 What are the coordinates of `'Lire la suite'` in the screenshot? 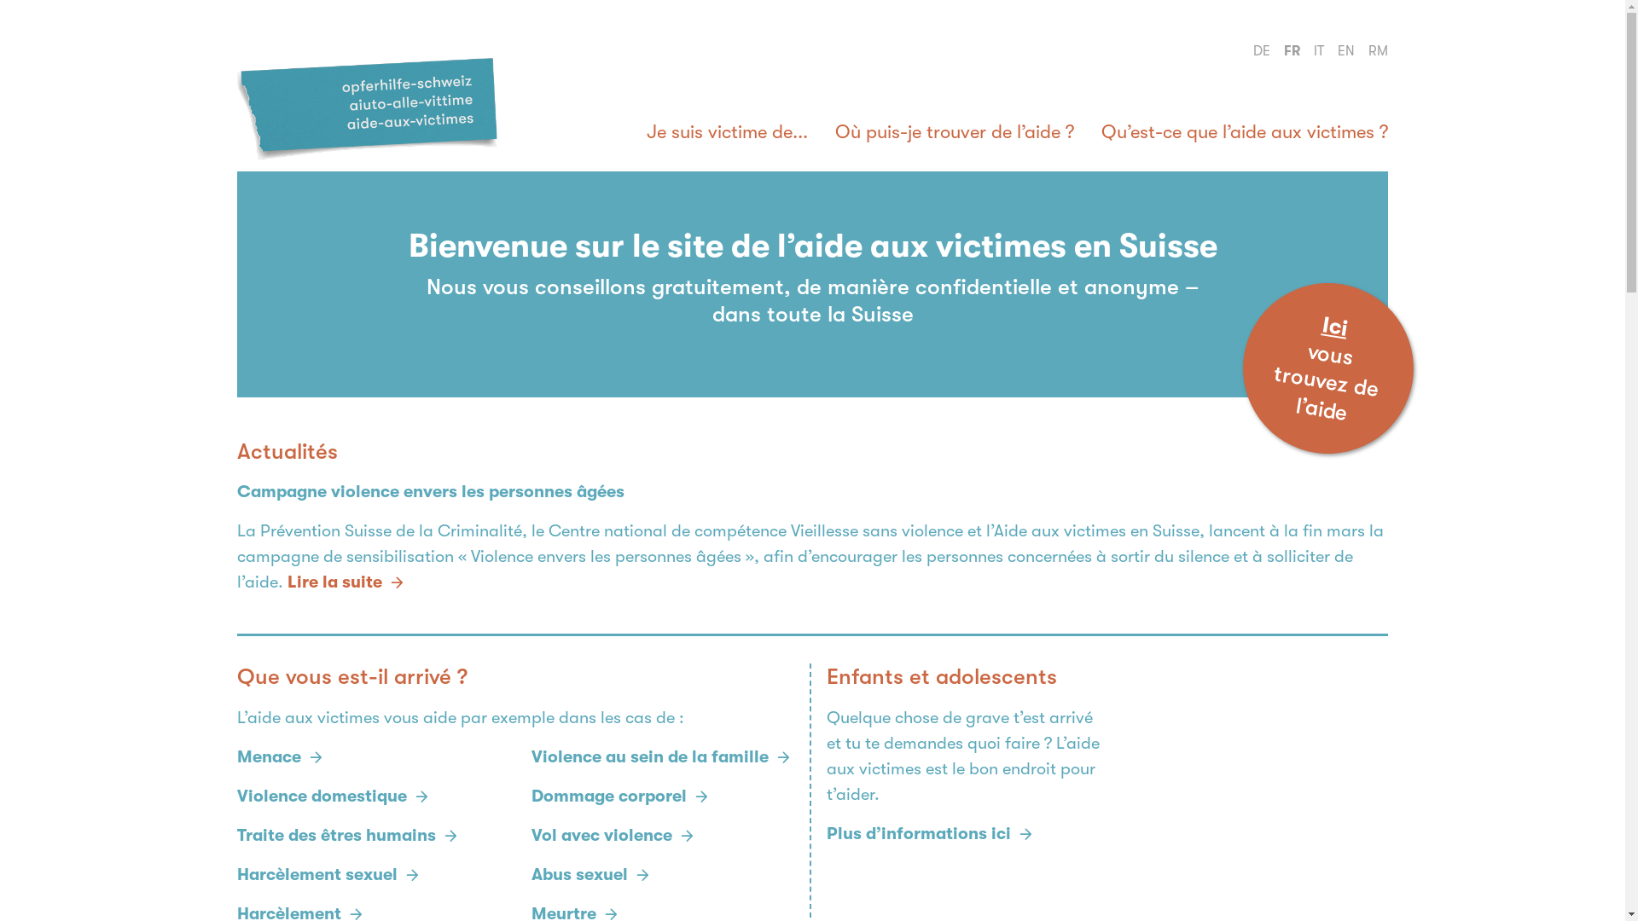 It's located at (334, 581).